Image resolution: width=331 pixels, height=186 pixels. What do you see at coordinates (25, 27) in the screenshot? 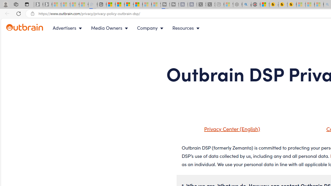
I see `'Outbrain logo - link to homepage'` at bounding box center [25, 27].